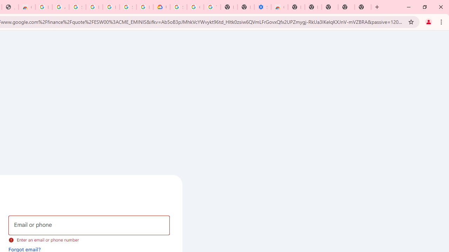  What do you see at coordinates (363, 7) in the screenshot?
I see `'New Tab'` at bounding box center [363, 7].